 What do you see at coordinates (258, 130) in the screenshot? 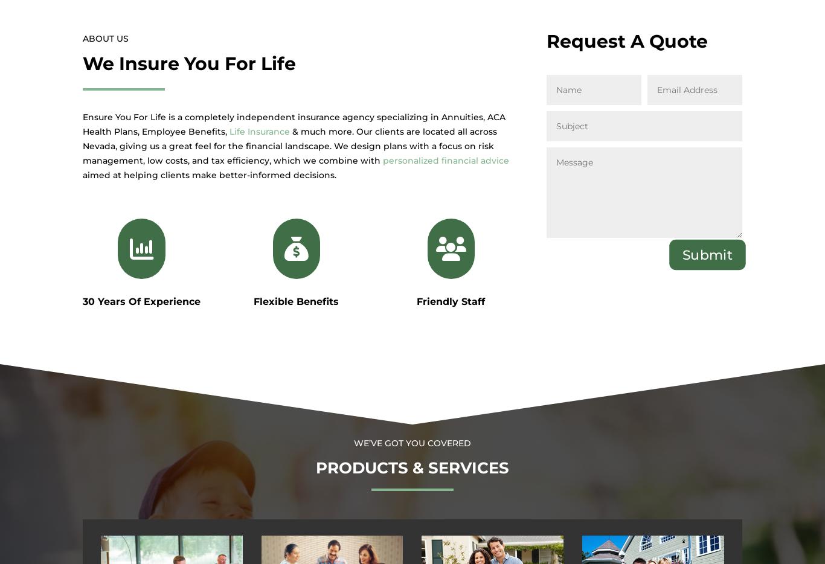
I see `'Life Insurance'` at bounding box center [258, 130].